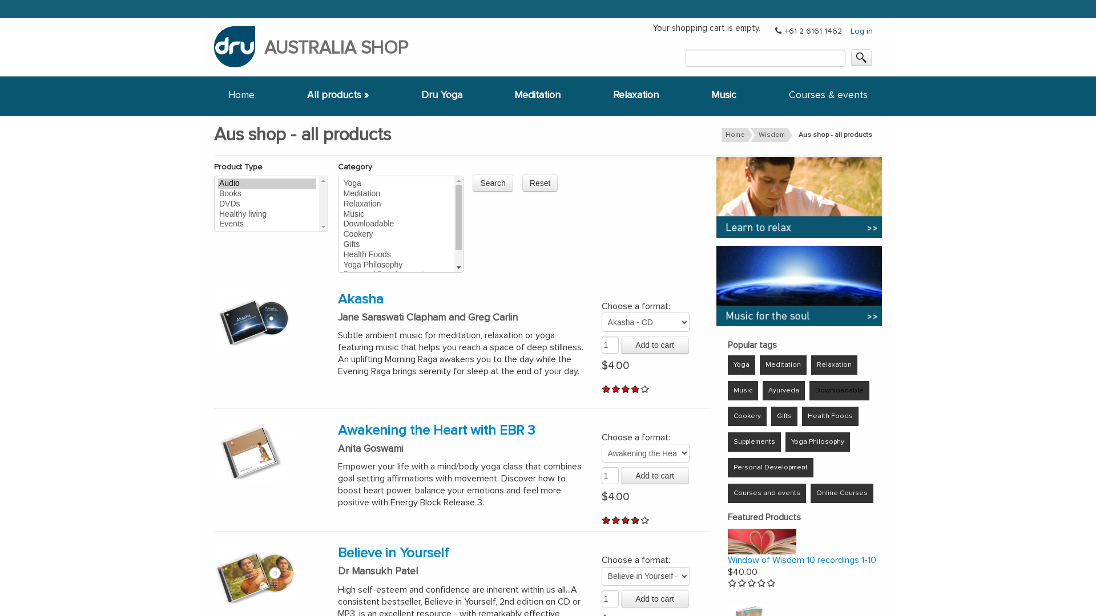 This screenshot has height=616, width=1096. I want to click on 'Yoga', so click(742, 365).